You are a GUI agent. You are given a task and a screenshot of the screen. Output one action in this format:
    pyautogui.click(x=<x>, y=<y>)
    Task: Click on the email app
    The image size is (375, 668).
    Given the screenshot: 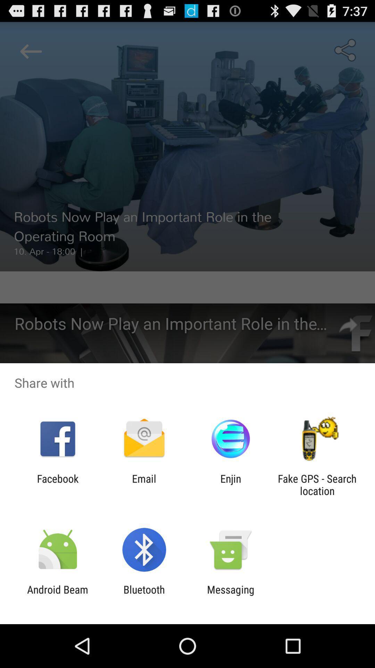 What is the action you would take?
    pyautogui.click(x=144, y=484)
    